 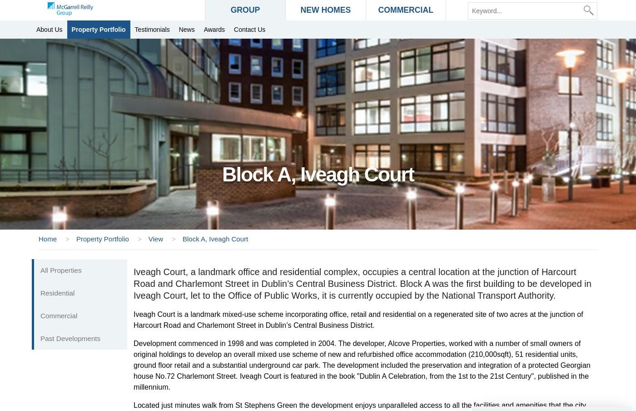 I want to click on 'Iveagh Court, a landmark office and residential complex, occupies a central location at the junction of Harcourt Road and Charlemont Street in Dublin’s Central Business District. Block A was the first building to be developed in Iveagh Court, let to the Office of Public Works, it is currently occupied by the National Transport Authority.', so click(x=362, y=284).